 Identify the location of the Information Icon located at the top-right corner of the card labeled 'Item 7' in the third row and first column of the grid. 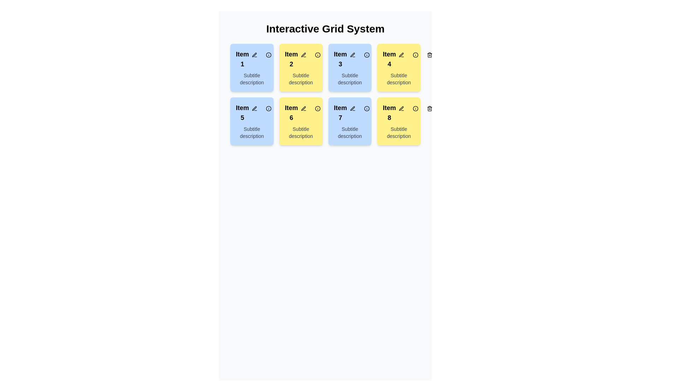
(367, 109).